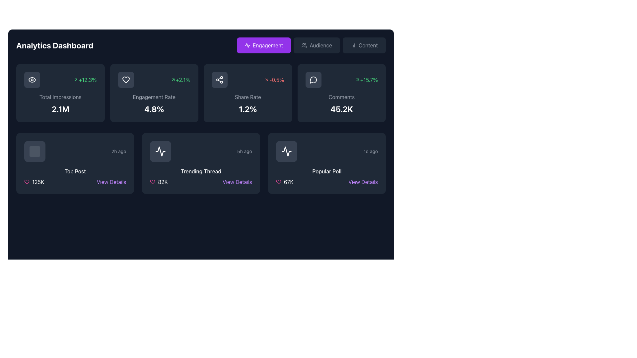 This screenshot has height=358, width=637. What do you see at coordinates (274, 79) in the screenshot?
I see `the displayed negative percentage change value ('-0.5%') in the top-right area of the 'Share Rate' card, adjacent to the '1.2%' text element` at bounding box center [274, 79].